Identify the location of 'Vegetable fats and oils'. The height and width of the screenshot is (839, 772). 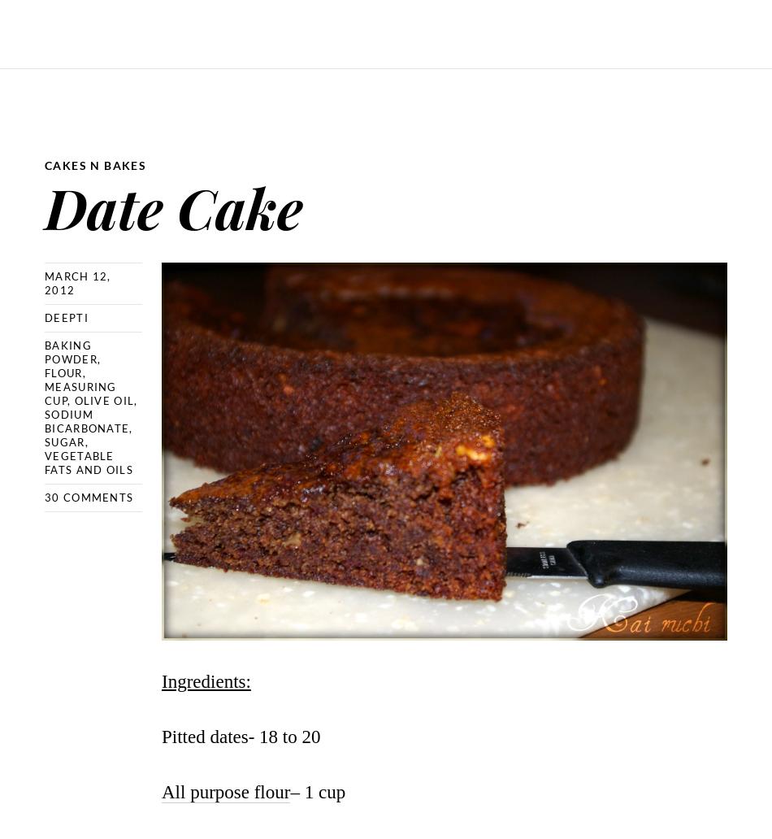
(88, 463).